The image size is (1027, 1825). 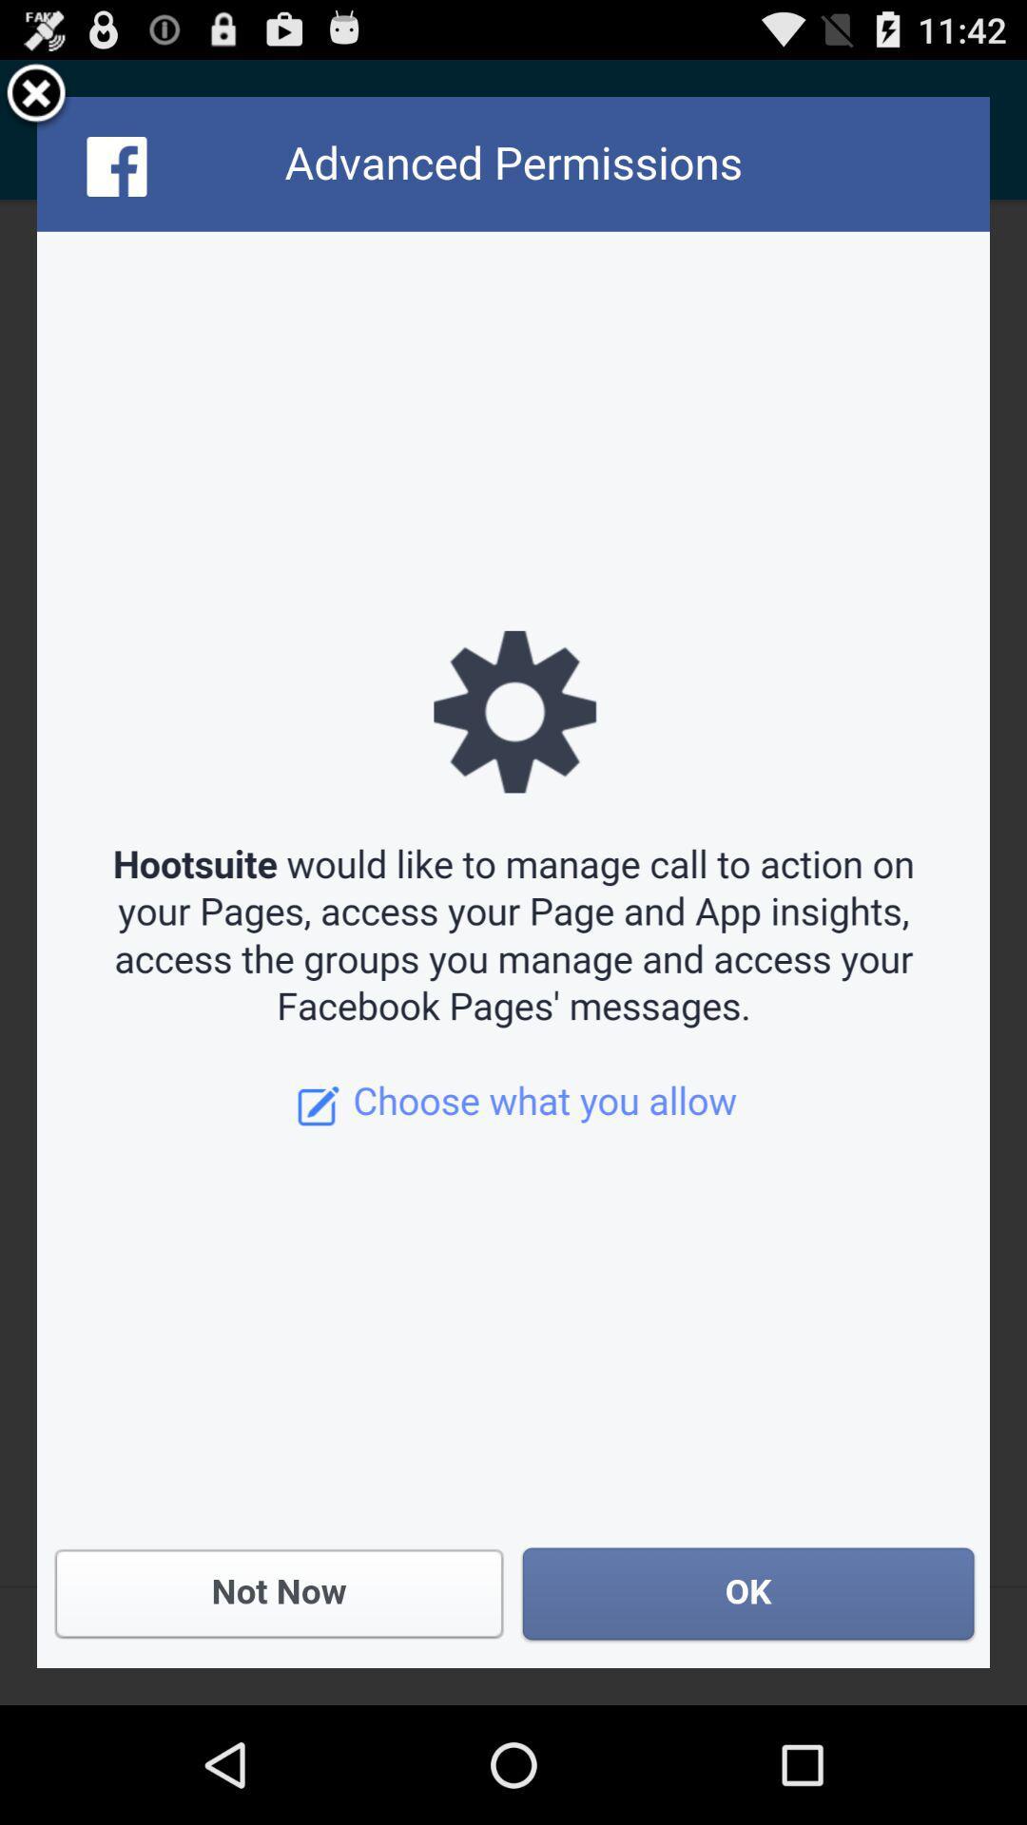 I want to click on the item at the top left corner, so click(x=36, y=95).